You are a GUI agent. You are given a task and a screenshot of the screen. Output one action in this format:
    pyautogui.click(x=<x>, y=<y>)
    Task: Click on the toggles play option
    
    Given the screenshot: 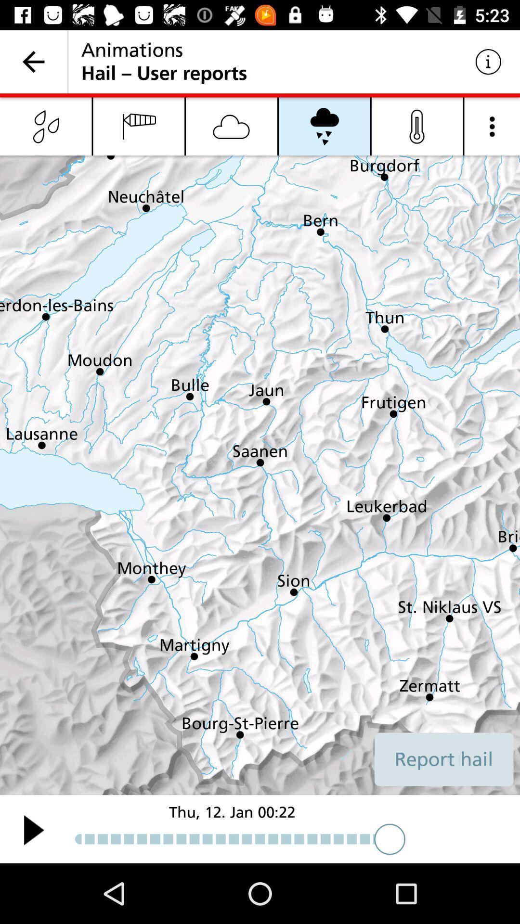 What is the action you would take?
    pyautogui.click(x=33, y=829)
    